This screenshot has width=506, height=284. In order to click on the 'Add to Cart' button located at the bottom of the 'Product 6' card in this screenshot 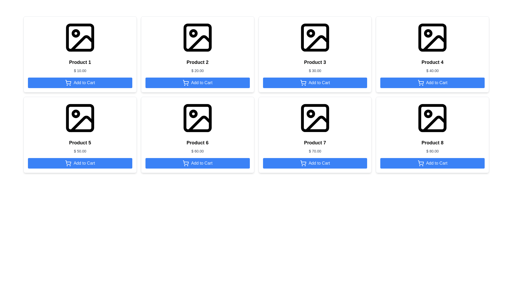, I will do `click(197, 163)`.